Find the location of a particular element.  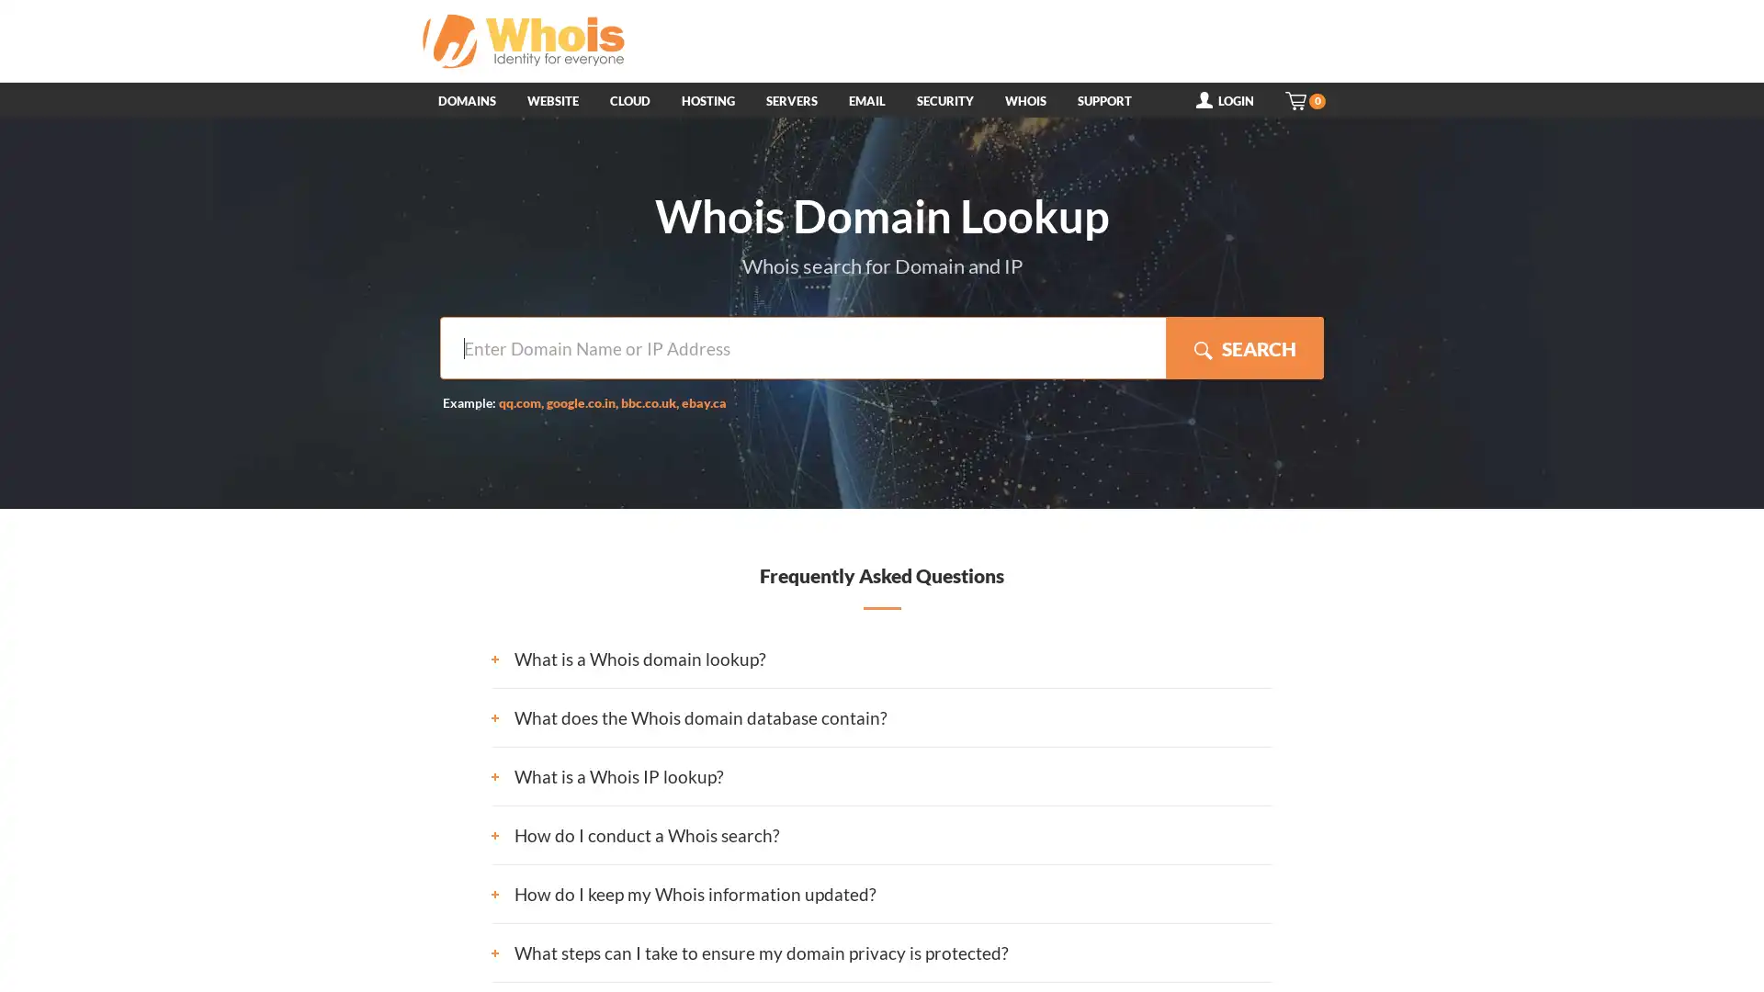

SEARCH is located at coordinates (1244, 347).